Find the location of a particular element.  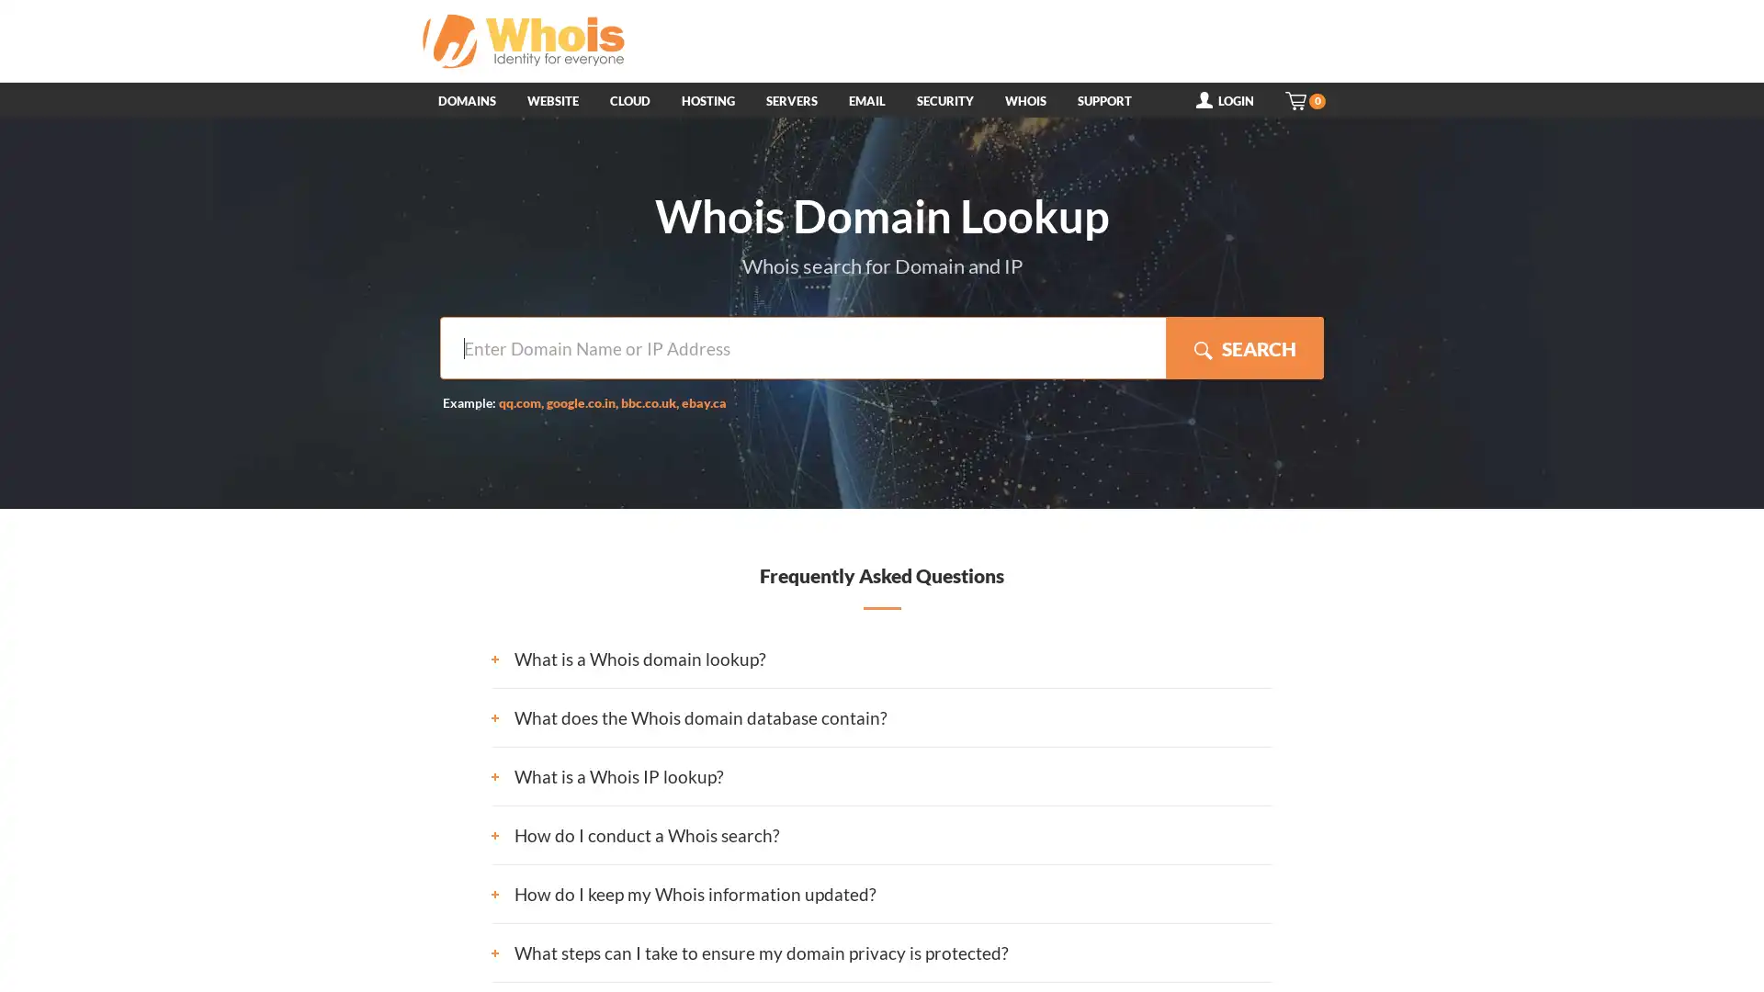

SEARCH is located at coordinates (1244, 347).